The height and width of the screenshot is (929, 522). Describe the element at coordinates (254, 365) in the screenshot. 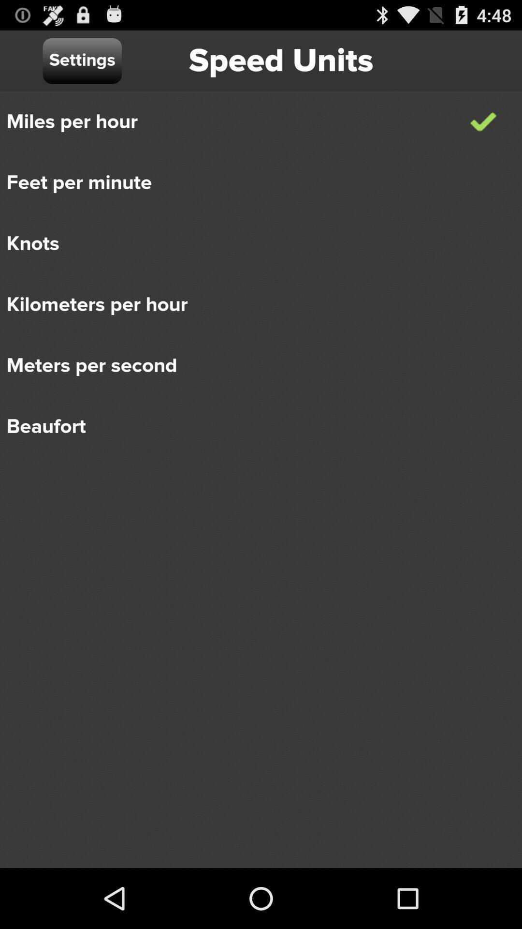

I see `meters per second icon` at that location.